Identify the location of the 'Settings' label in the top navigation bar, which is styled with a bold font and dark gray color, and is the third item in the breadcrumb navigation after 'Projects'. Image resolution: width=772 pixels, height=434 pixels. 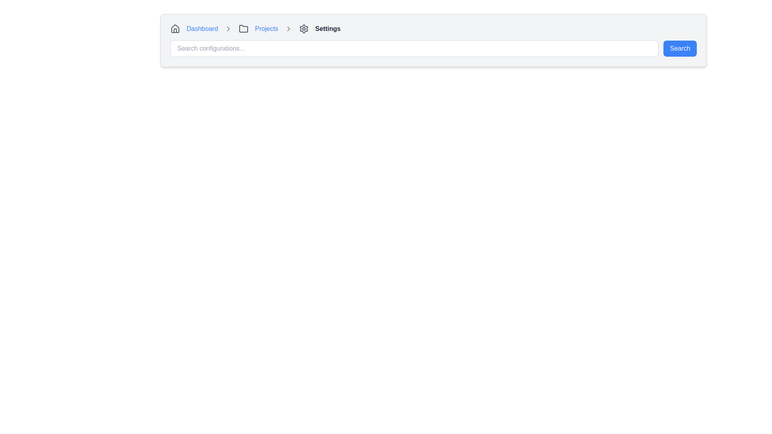
(328, 29).